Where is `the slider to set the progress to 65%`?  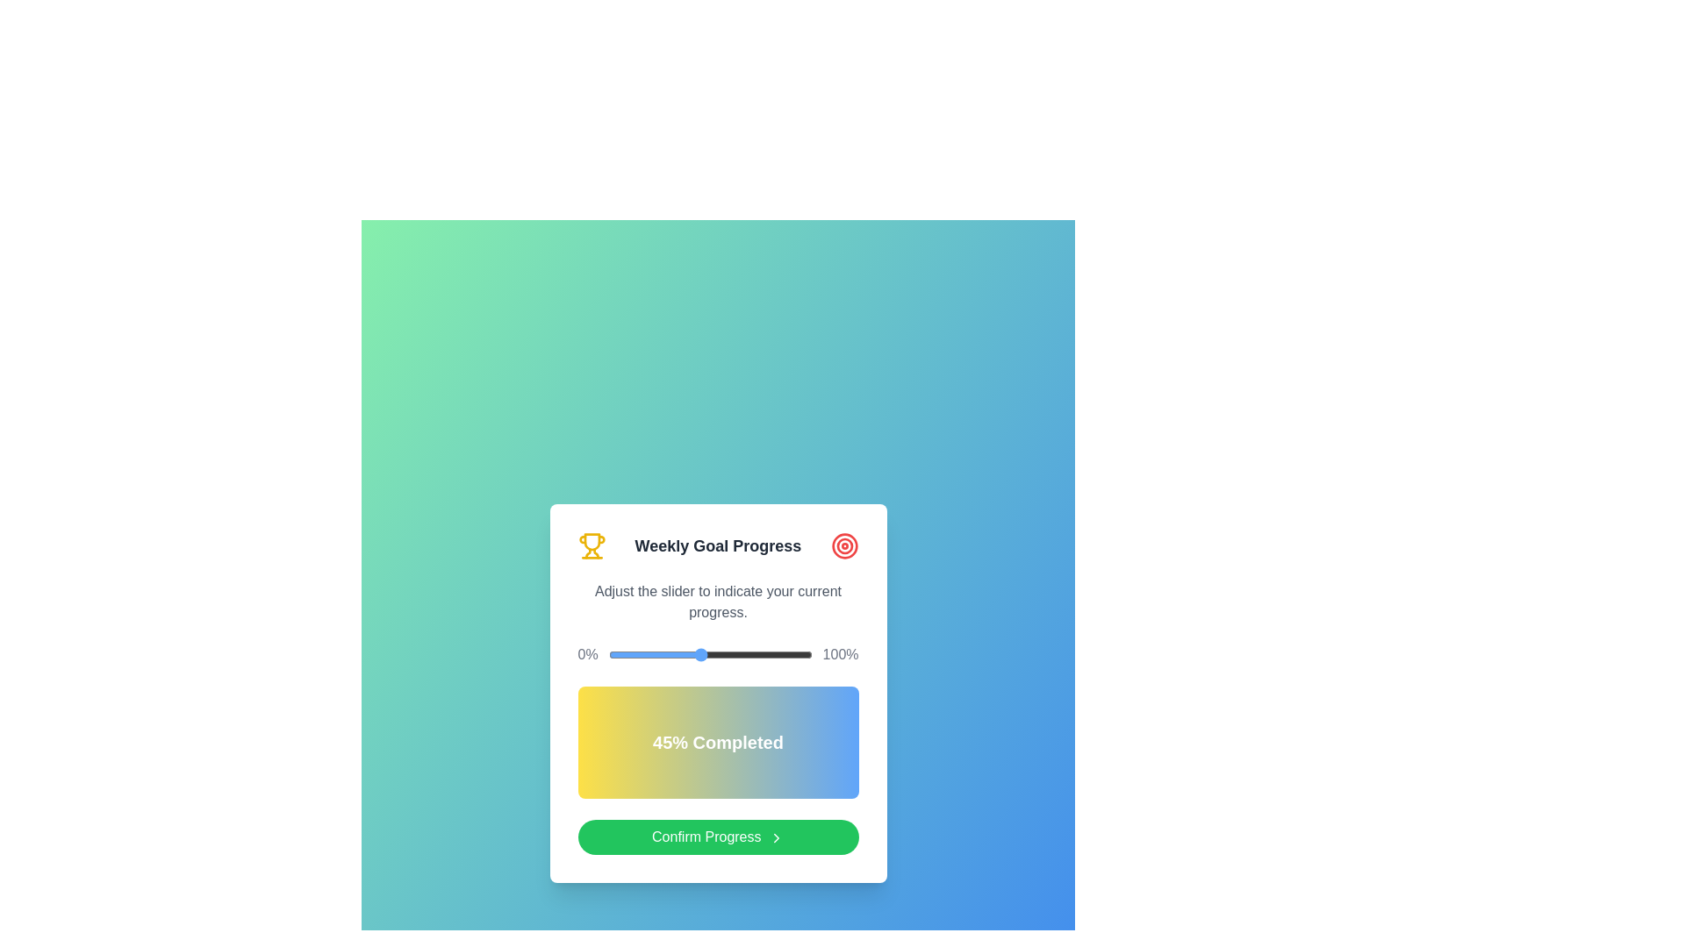
the slider to set the progress to 65% is located at coordinates (741, 655).